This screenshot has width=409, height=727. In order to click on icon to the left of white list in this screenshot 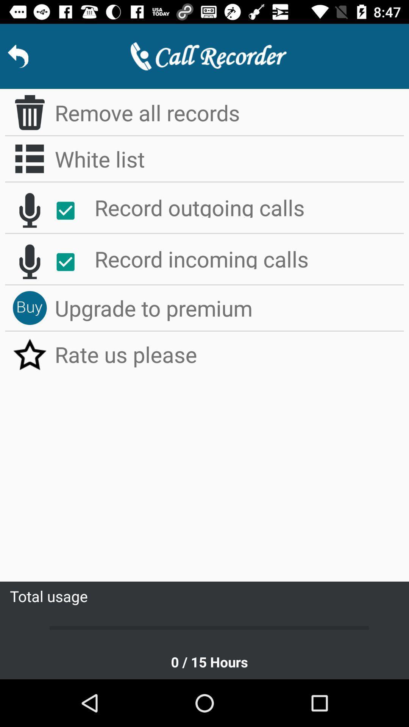, I will do `click(29, 158)`.